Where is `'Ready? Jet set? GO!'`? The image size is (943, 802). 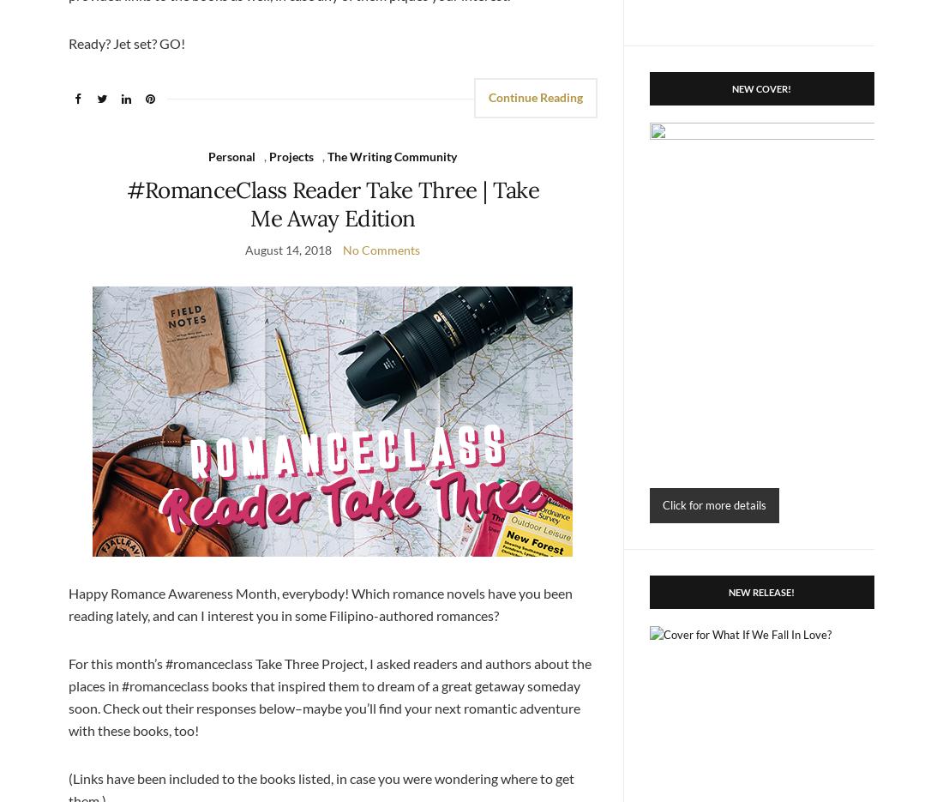 'Ready? Jet set? GO!' is located at coordinates (125, 43).